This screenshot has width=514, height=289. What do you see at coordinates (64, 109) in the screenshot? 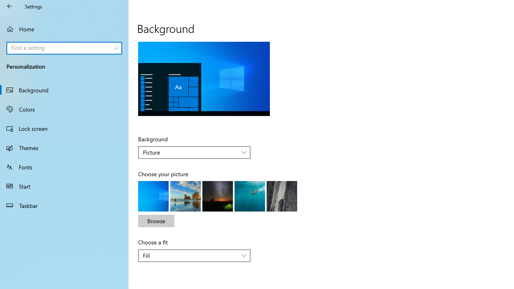
I see `'Colors'` at bounding box center [64, 109].